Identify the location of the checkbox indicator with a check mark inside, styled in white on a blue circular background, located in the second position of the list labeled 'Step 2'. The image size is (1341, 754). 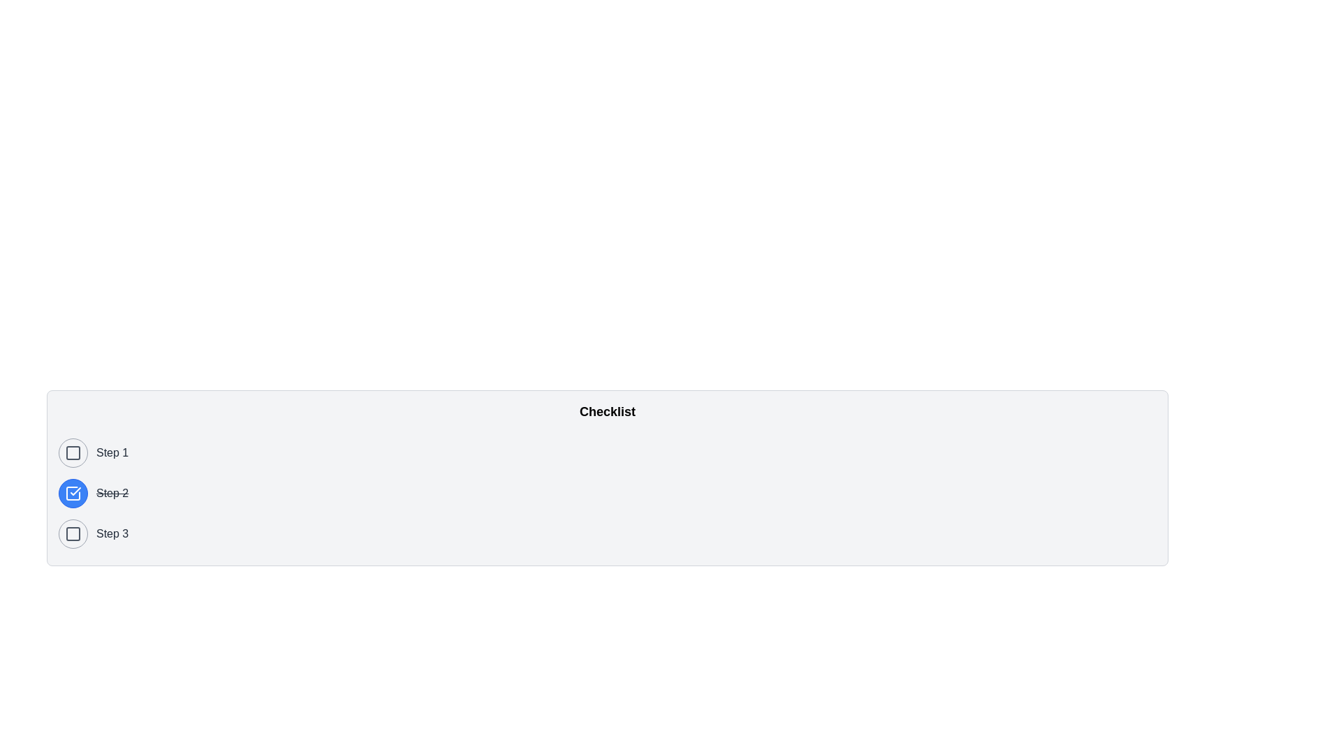
(73, 492).